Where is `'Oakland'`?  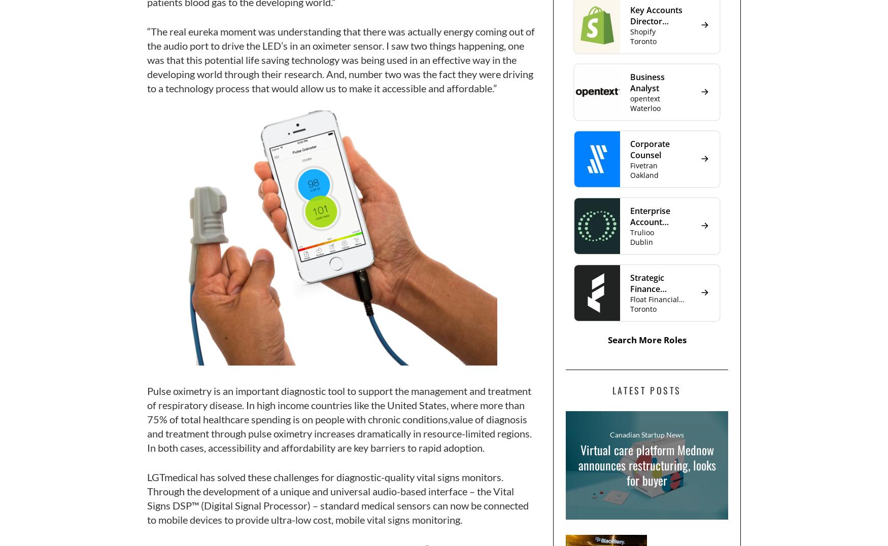
'Oakland' is located at coordinates (643, 174).